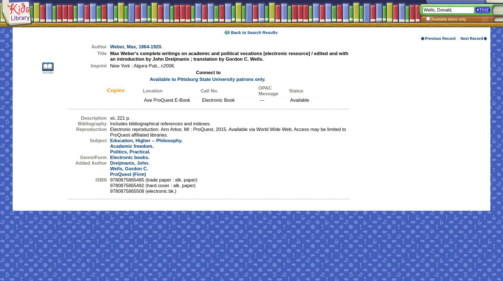  Describe the element at coordinates (131, 146) in the screenshot. I see `'Academic freedom.'` at that location.